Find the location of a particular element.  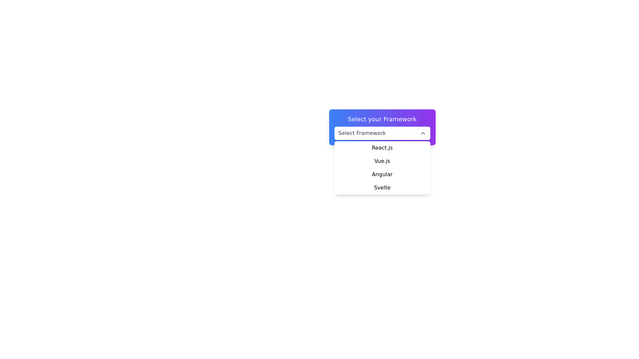

the 'Angular' option is located at coordinates (382, 174).